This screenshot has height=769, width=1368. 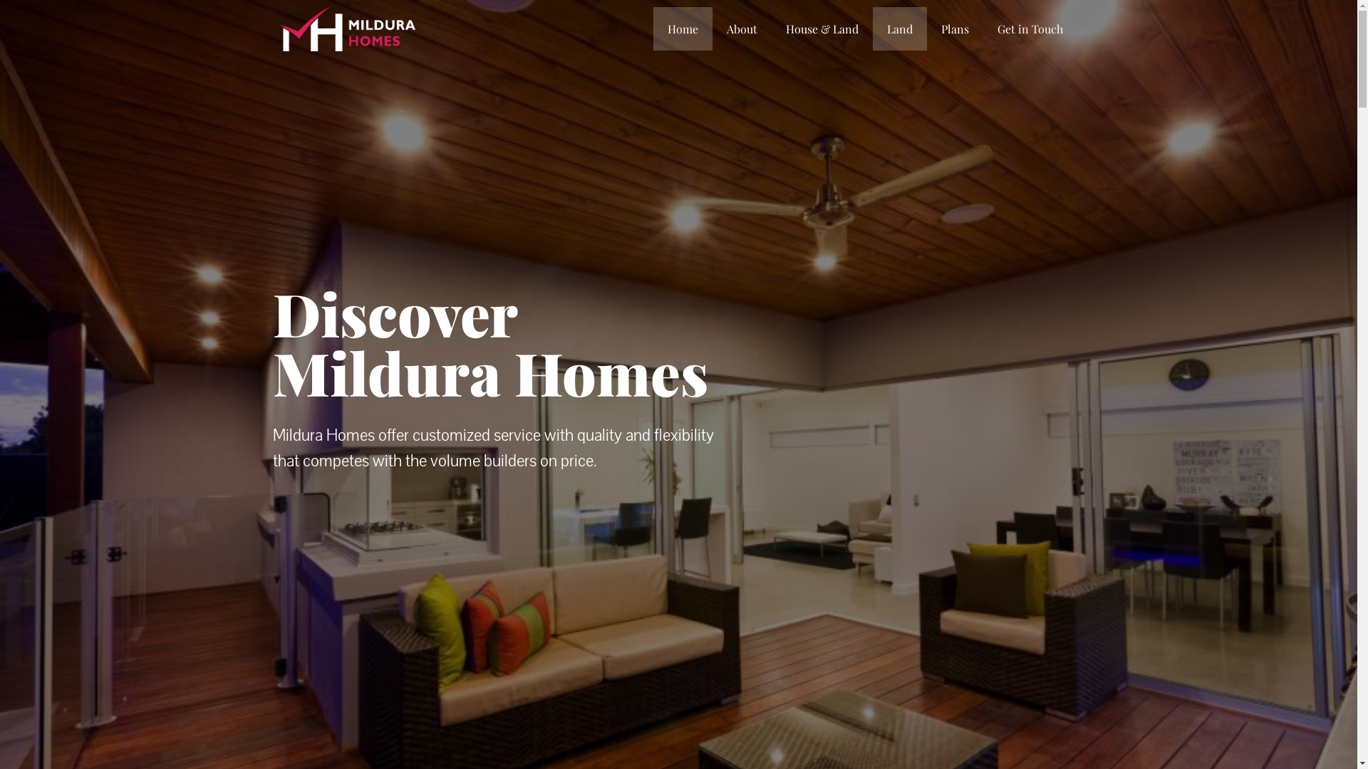 I want to click on 'Plans', so click(x=955, y=28).